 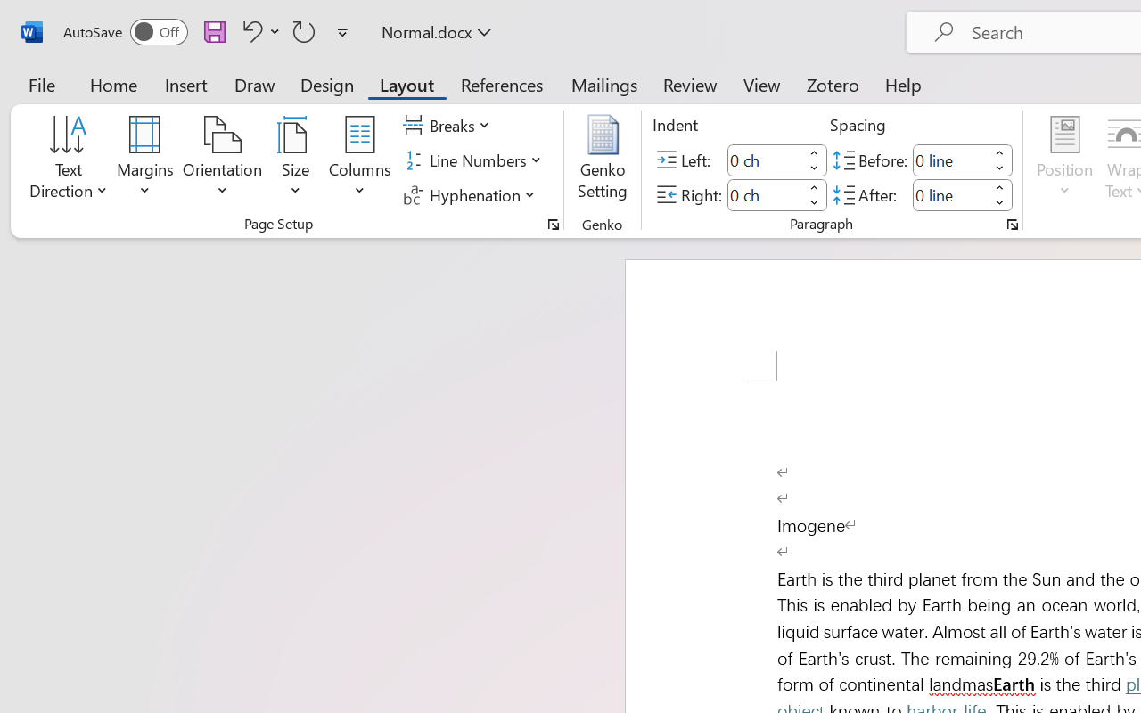 I want to click on 'Size', so click(x=296, y=160).